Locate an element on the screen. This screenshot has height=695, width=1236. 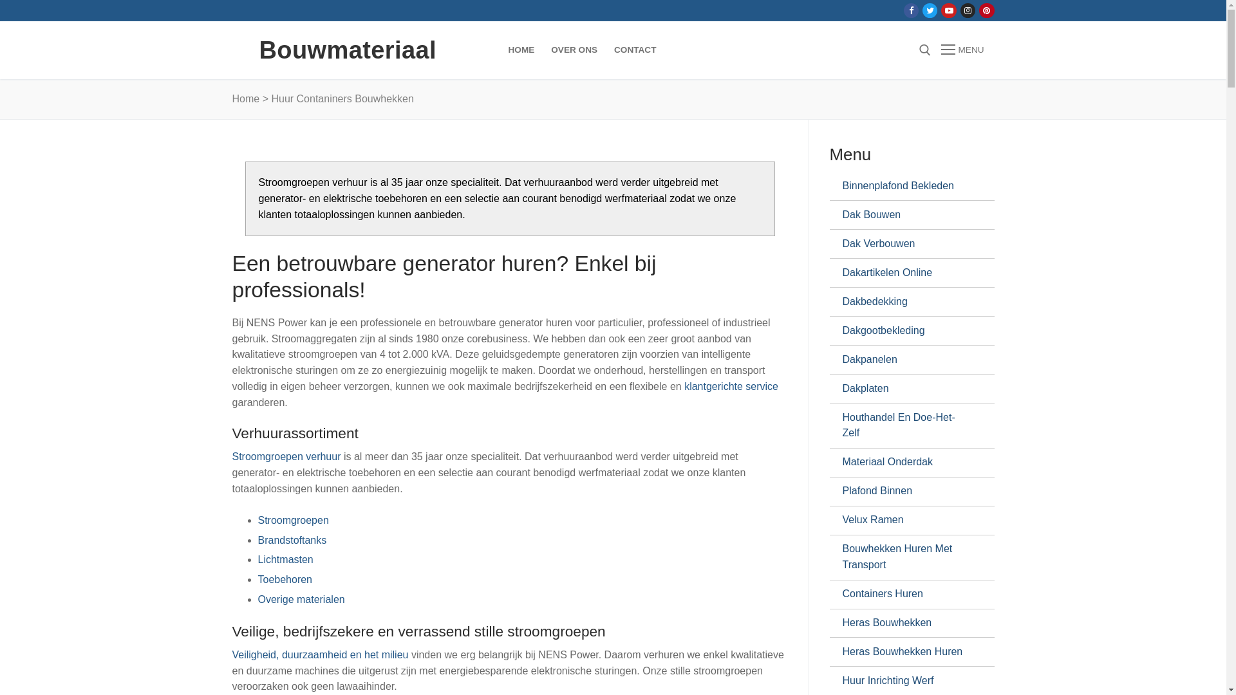
'Overige materialen' is located at coordinates (300, 599).